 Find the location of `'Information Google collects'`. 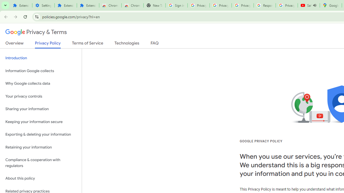

'Information Google collects' is located at coordinates (41, 70).